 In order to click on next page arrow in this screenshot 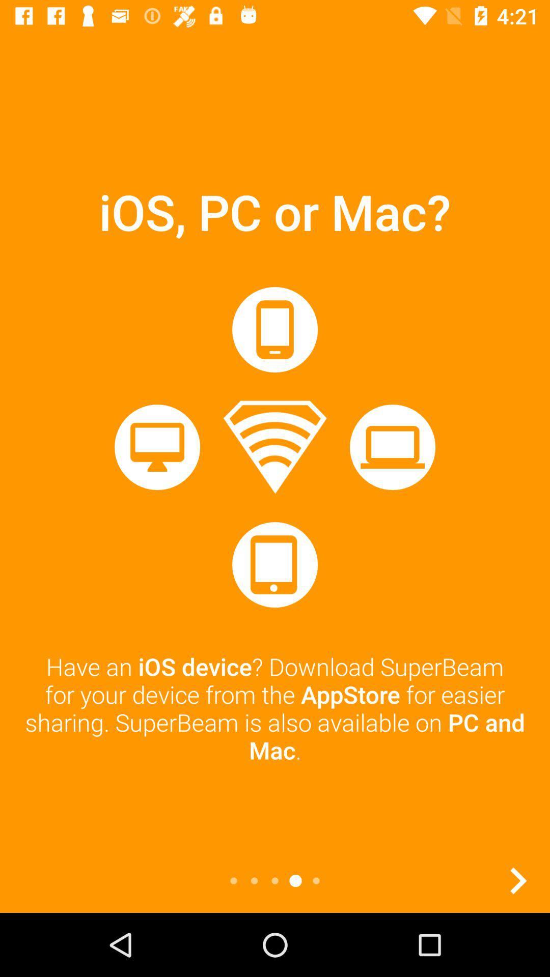, I will do `click(518, 880)`.